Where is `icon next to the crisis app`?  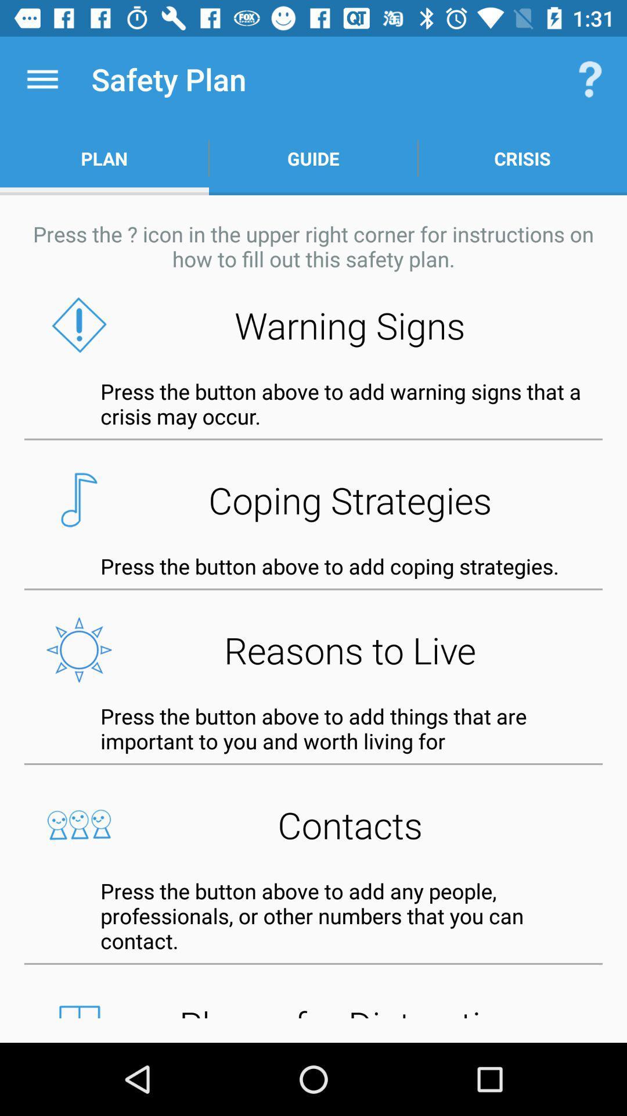
icon next to the crisis app is located at coordinates (313, 158).